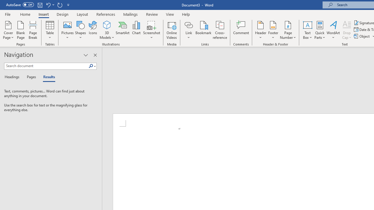 This screenshot has height=210, width=374. What do you see at coordinates (33, 30) in the screenshot?
I see `'Page Break'` at bounding box center [33, 30].